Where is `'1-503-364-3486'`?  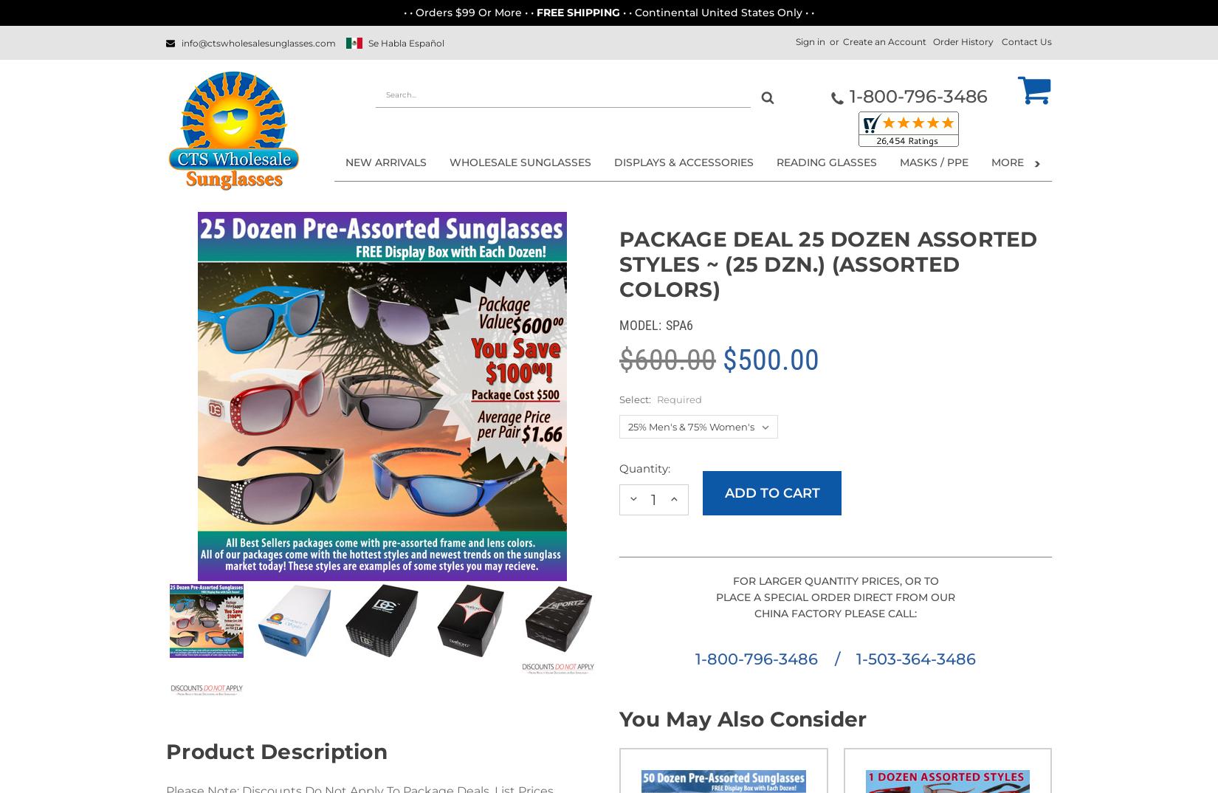
'1-503-364-3486' is located at coordinates (914, 658).